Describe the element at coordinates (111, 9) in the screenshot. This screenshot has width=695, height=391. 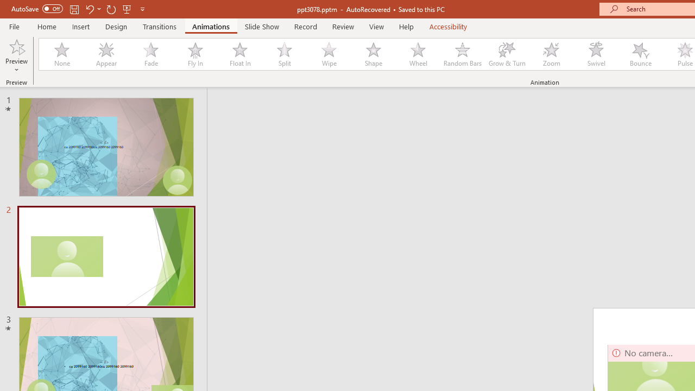
I see `'Redo'` at that location.